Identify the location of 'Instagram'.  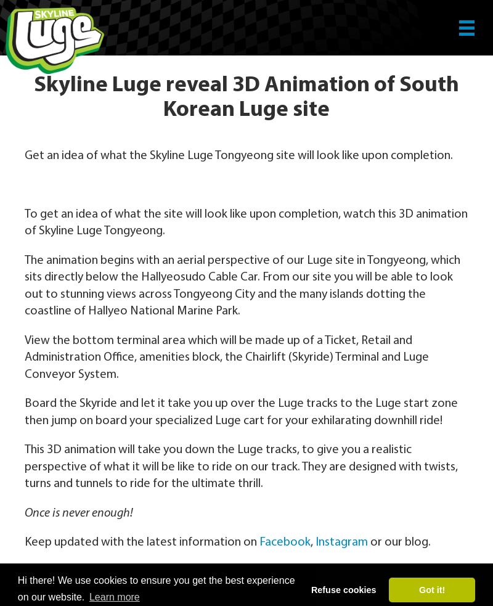
(315, 542).